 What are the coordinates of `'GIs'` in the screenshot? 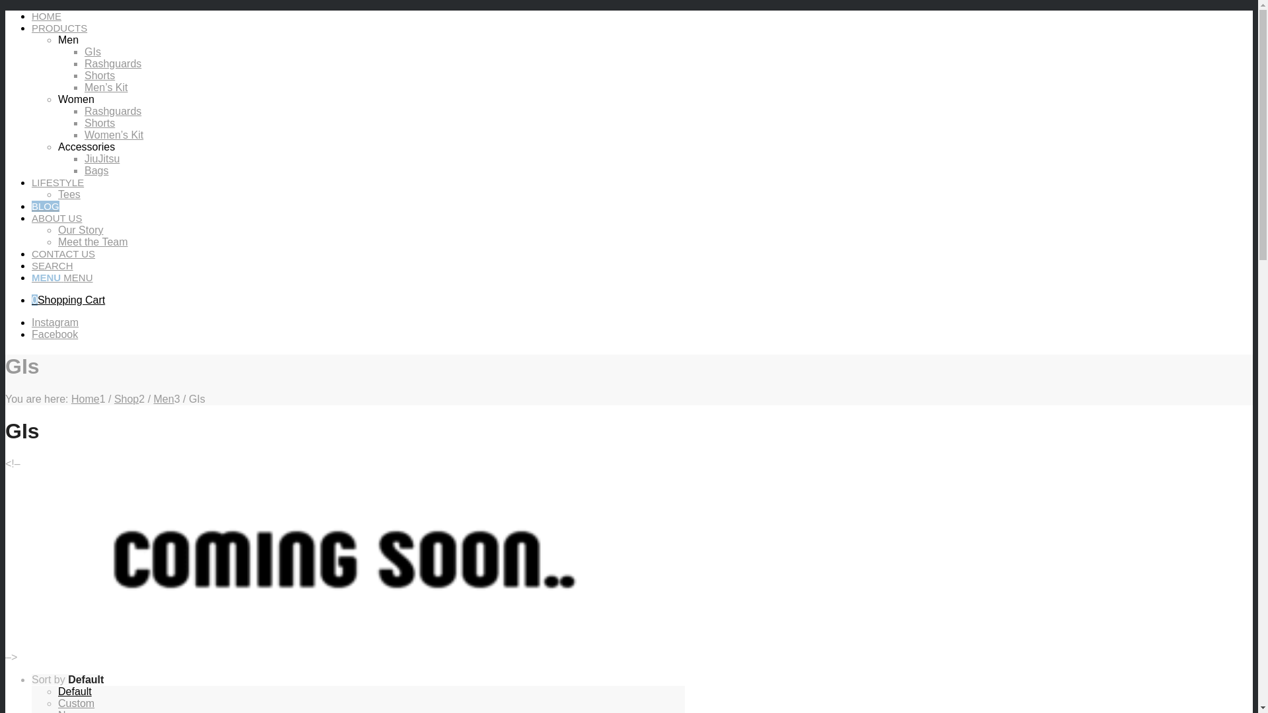 It's located at (92, 51).